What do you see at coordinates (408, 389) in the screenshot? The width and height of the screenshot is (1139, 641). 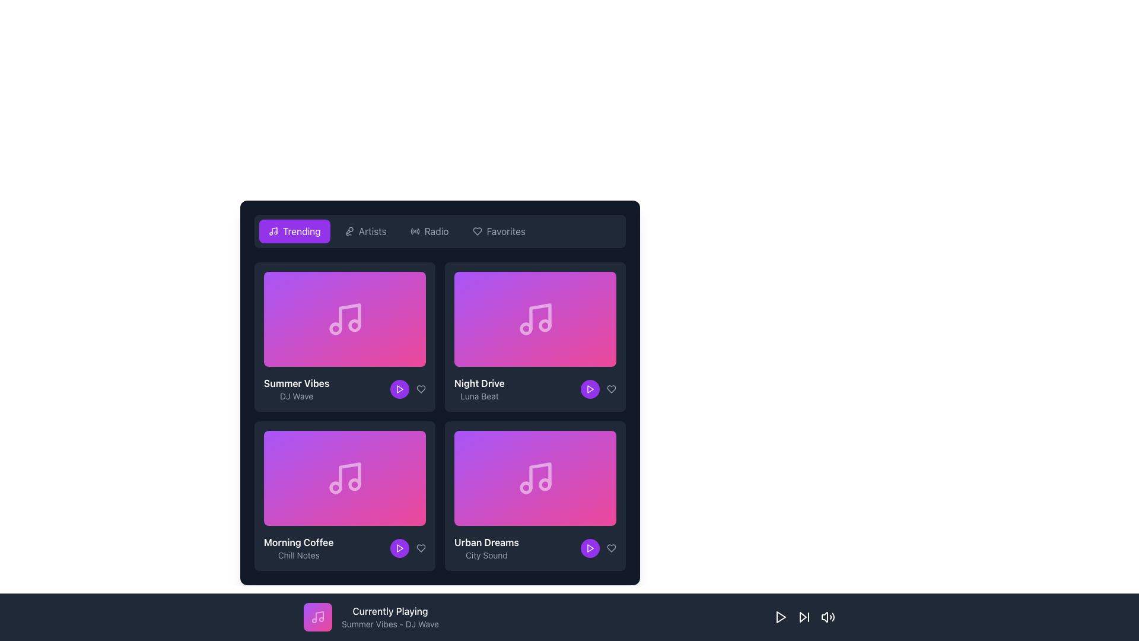 I see `the heart-shaped icon in the 'Currently Playing' section under the 'Summer Vibes' track to like the track` at bounding box center [408, 389].